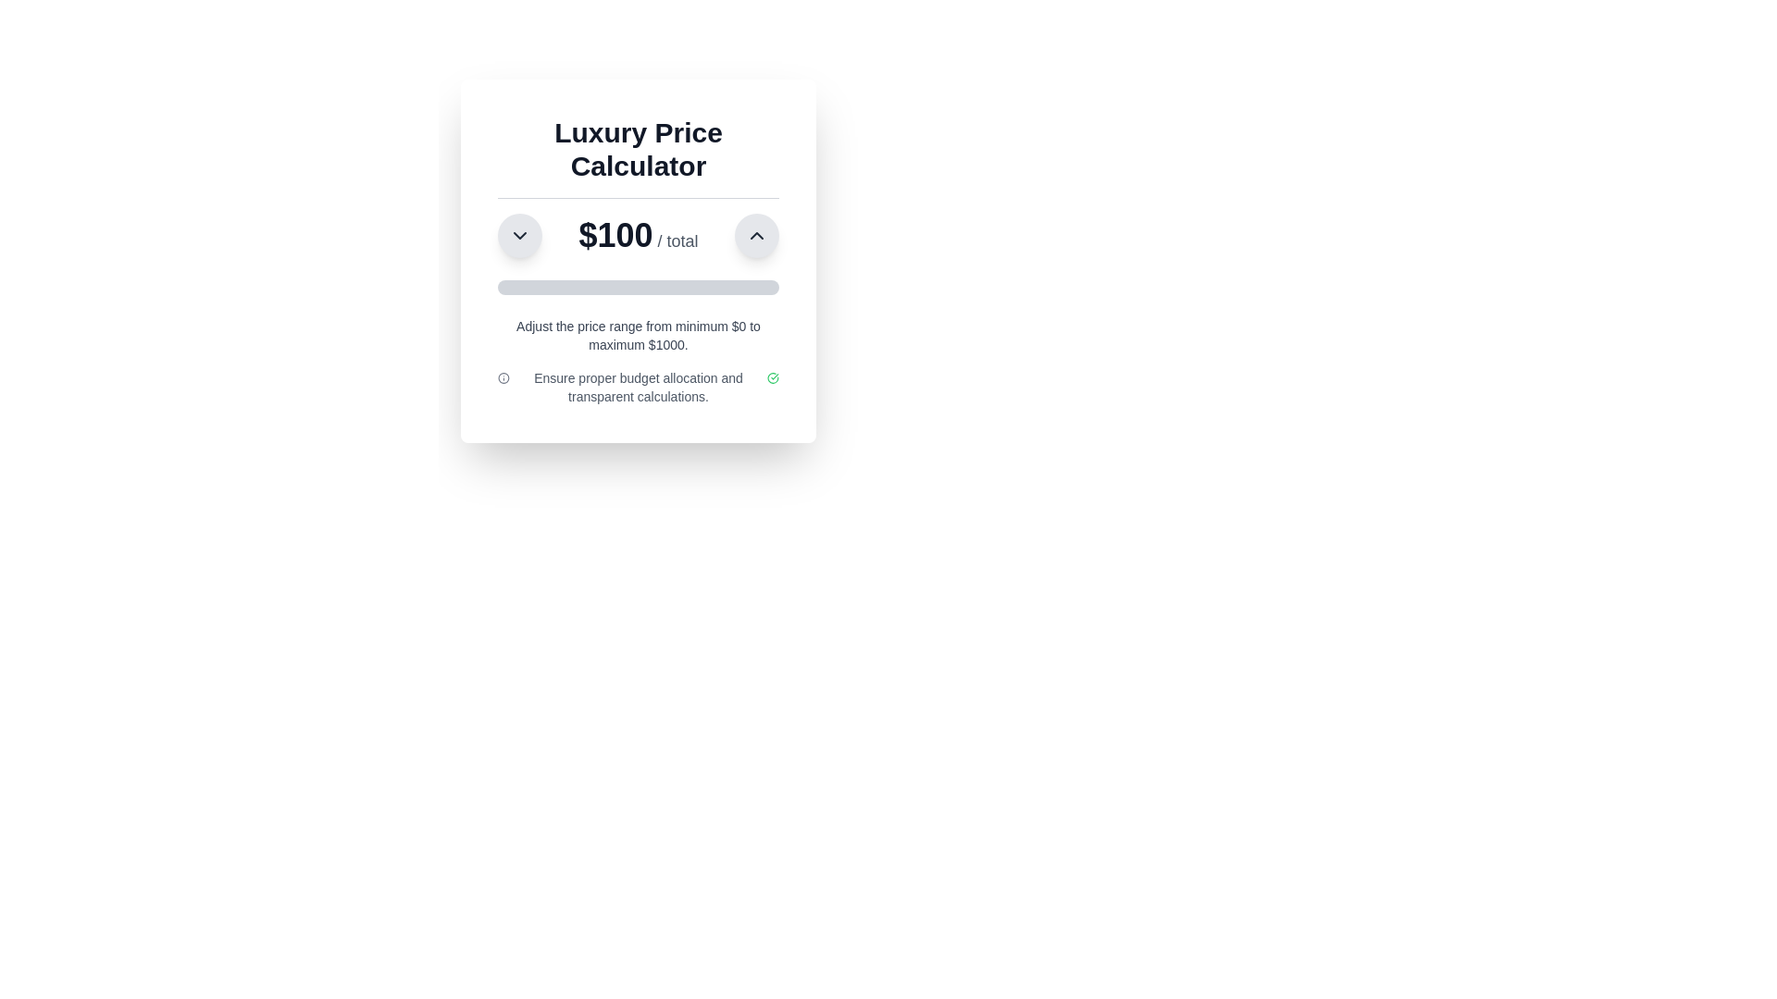 This screenshot has width=1777, height=999. I want to click on the static text that provides instructions about the price range adjustment functionality of the Luxury Price Calculator, located below the progress bar and above the line starting with 'Ensure proper budget allocation', so click(639, 335).